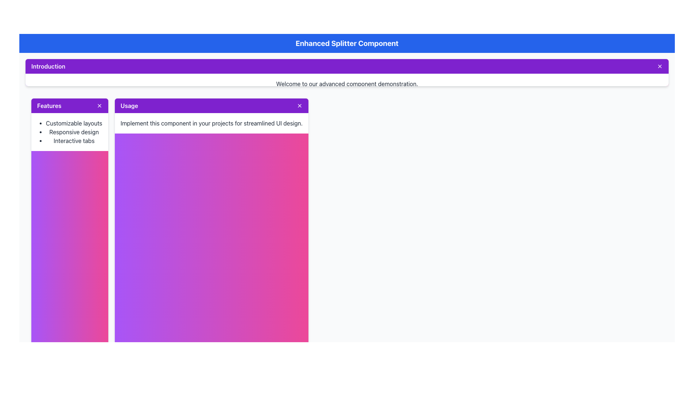 Image resolution: width=700 pixels, height=394 pixels. What do you see at coordinates (660, 66) in the screenshot?
I see `the close button located on the far-right side of the purple bar labeled 'Introduction'` at bounding box center [660, 66].